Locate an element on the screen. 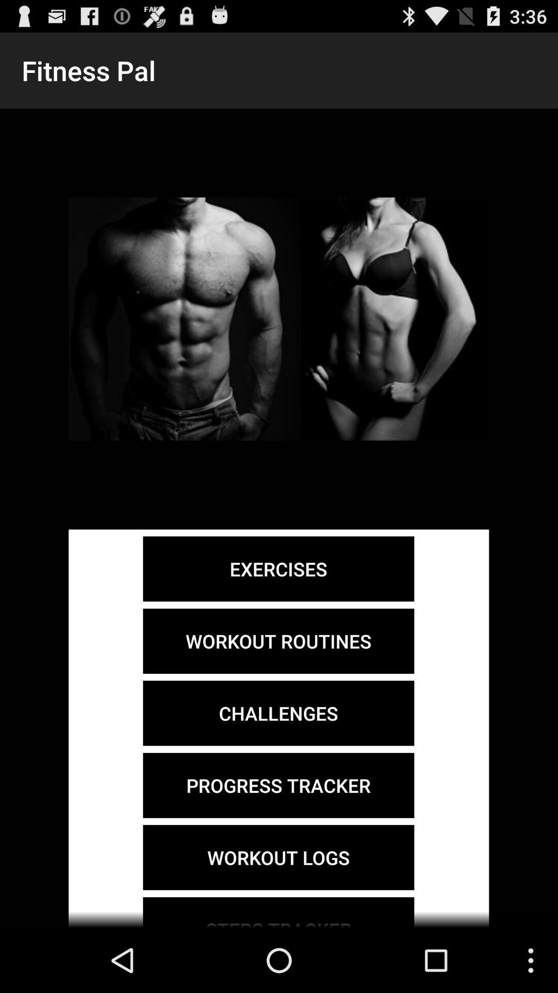 This screenshot has width=558, height=993. item below workout logs item is located at coordinates (278, 912).